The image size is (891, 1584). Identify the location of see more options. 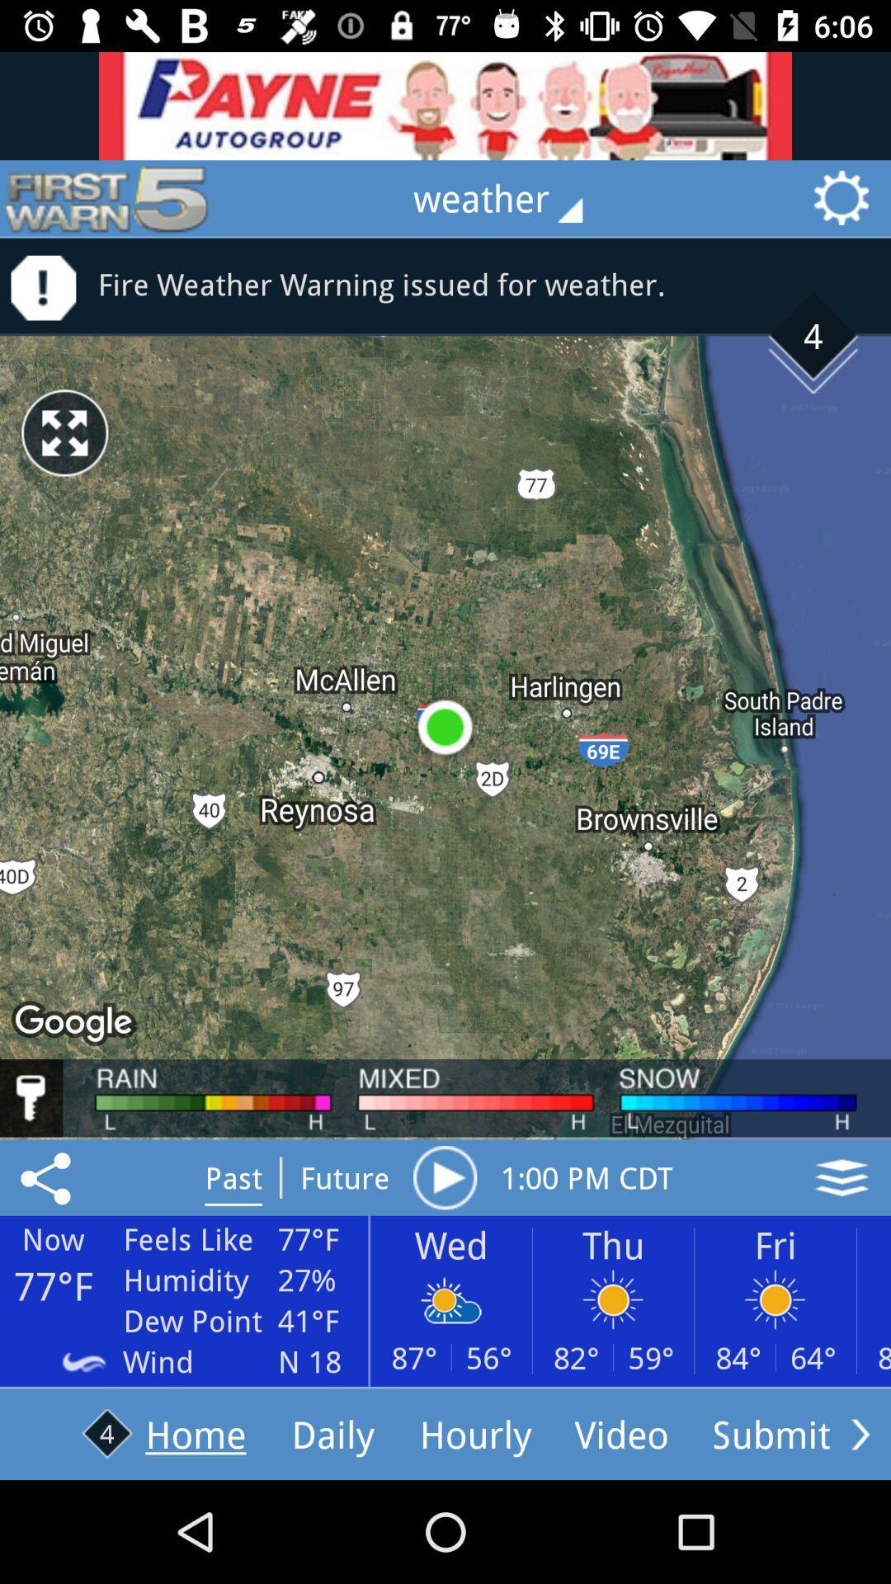
(860, 1433).